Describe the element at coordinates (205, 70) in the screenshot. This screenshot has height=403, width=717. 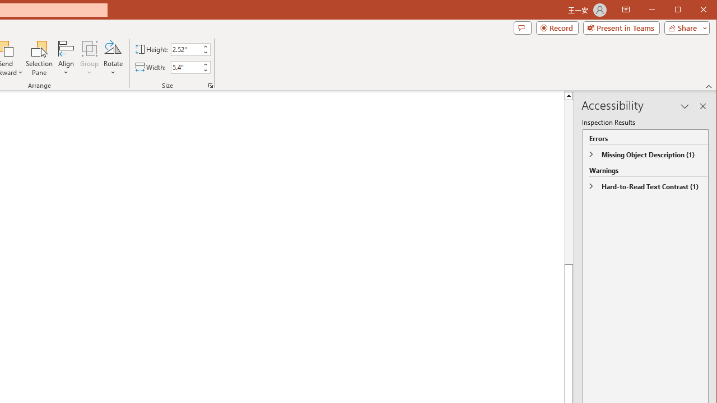
I see `'Less'` at that location.